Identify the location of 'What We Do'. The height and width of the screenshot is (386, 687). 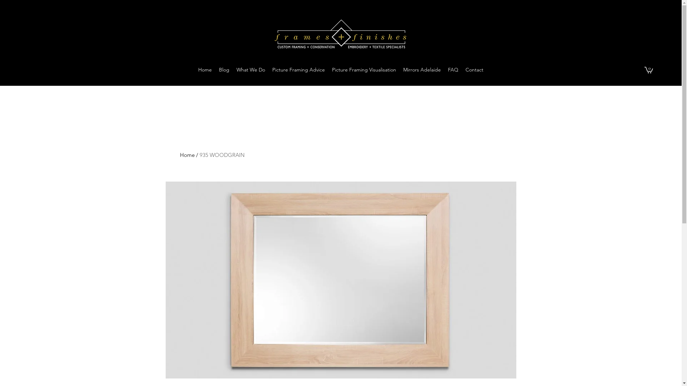
(250, 70).